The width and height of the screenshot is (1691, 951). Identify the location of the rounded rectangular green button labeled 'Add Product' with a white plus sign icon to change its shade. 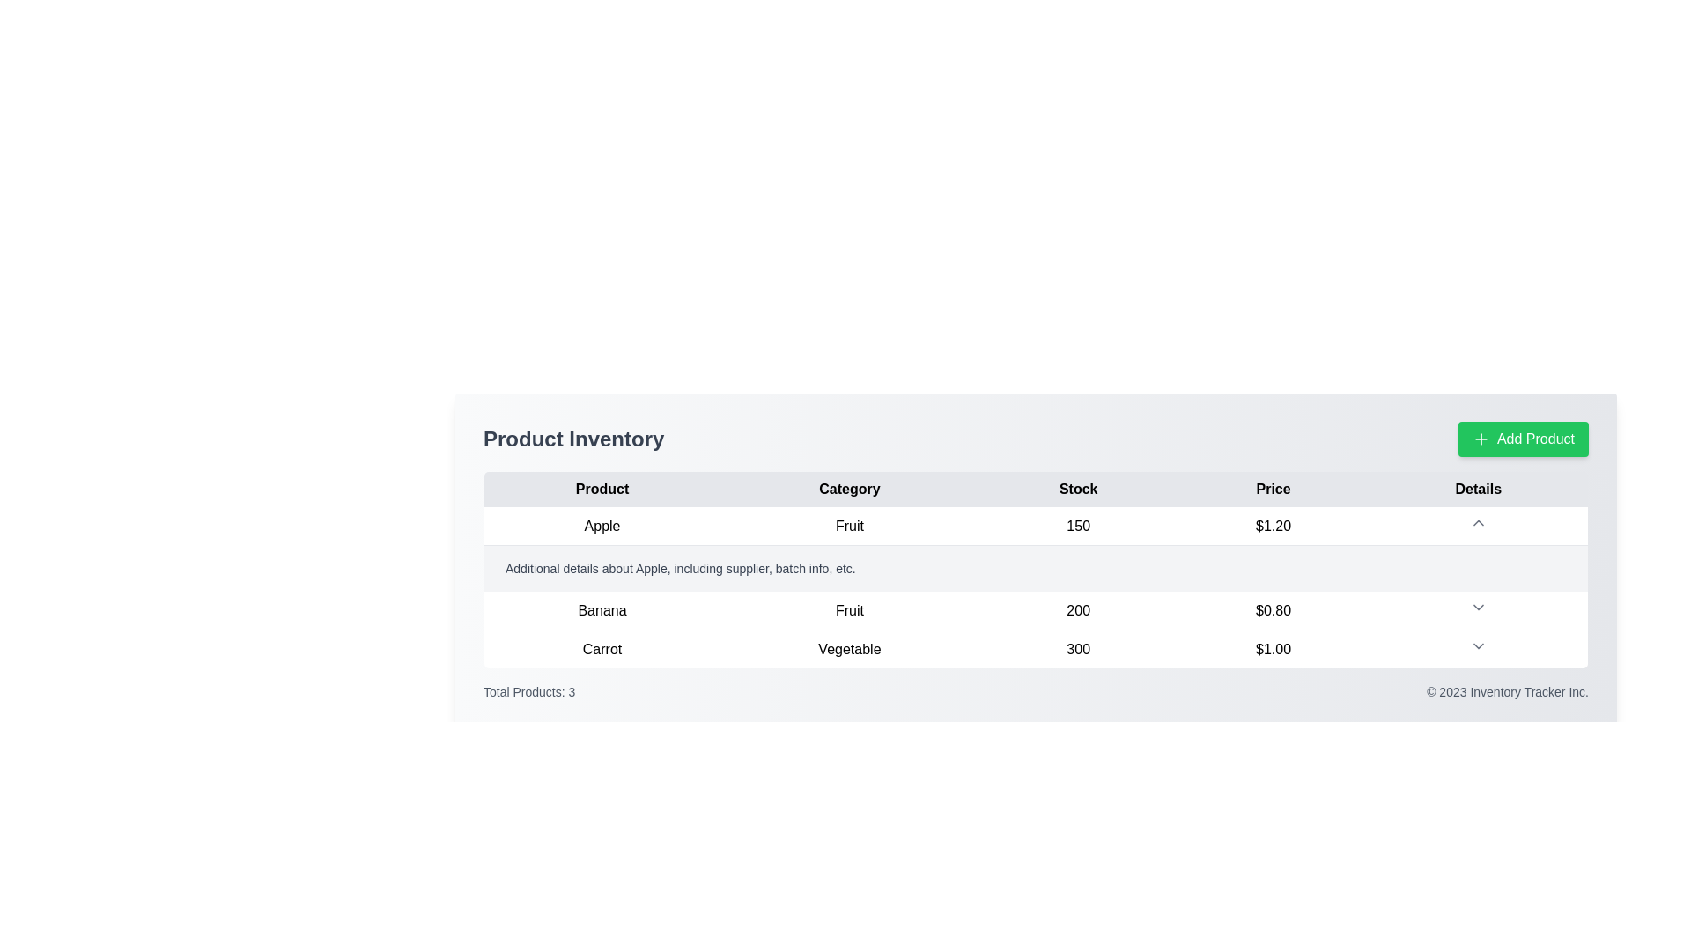
(1522, 438).